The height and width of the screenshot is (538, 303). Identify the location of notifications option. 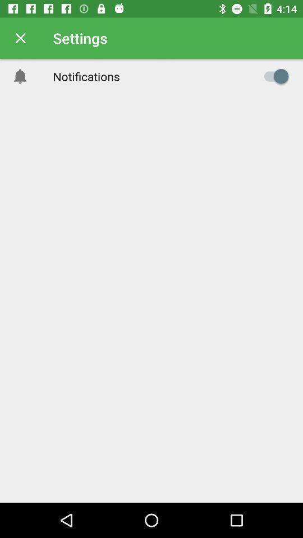
(273, 76).